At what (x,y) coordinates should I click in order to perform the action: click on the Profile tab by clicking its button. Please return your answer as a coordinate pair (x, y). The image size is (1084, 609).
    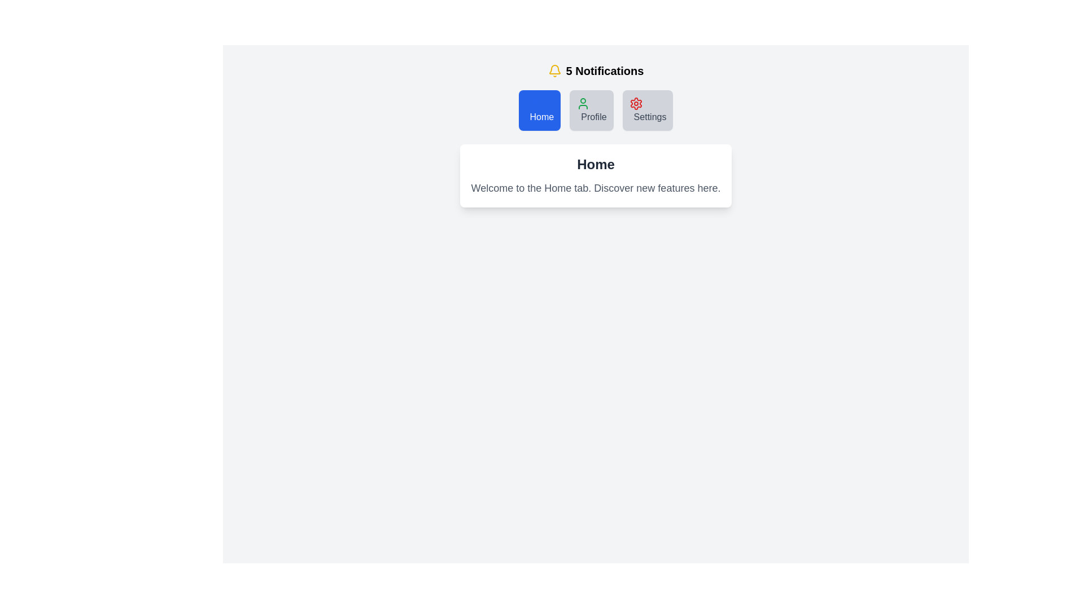
    Looking at the image, I should click on (591, 111).